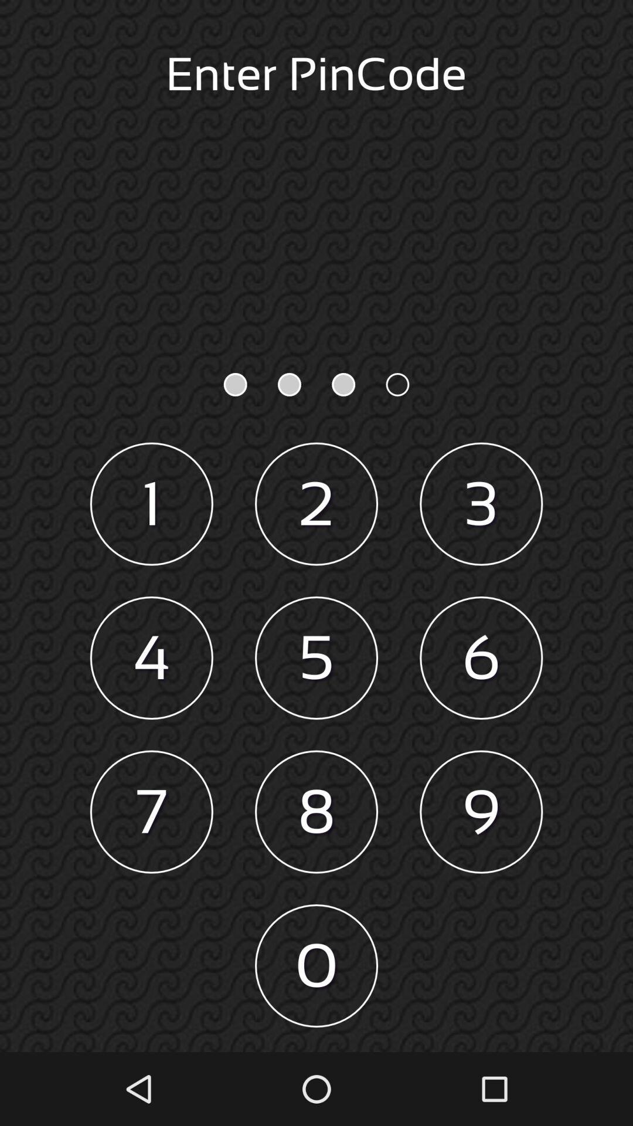 The image size is (633, 1126). Describe the element at coordinates (316, 658) in the screenshot. I see `the item above the 8 icon` at that location.